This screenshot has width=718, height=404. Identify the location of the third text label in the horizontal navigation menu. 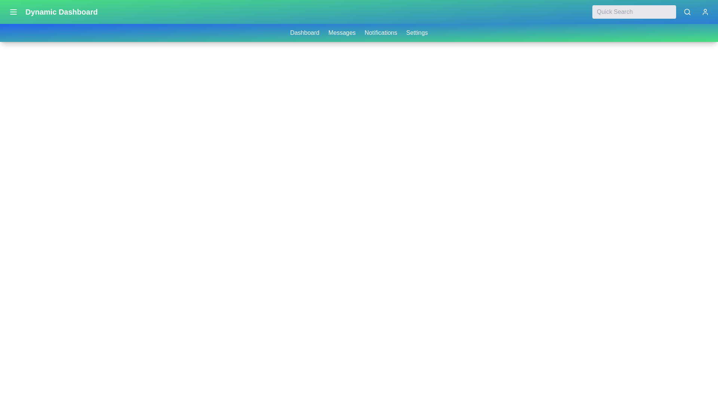
(381, 33).